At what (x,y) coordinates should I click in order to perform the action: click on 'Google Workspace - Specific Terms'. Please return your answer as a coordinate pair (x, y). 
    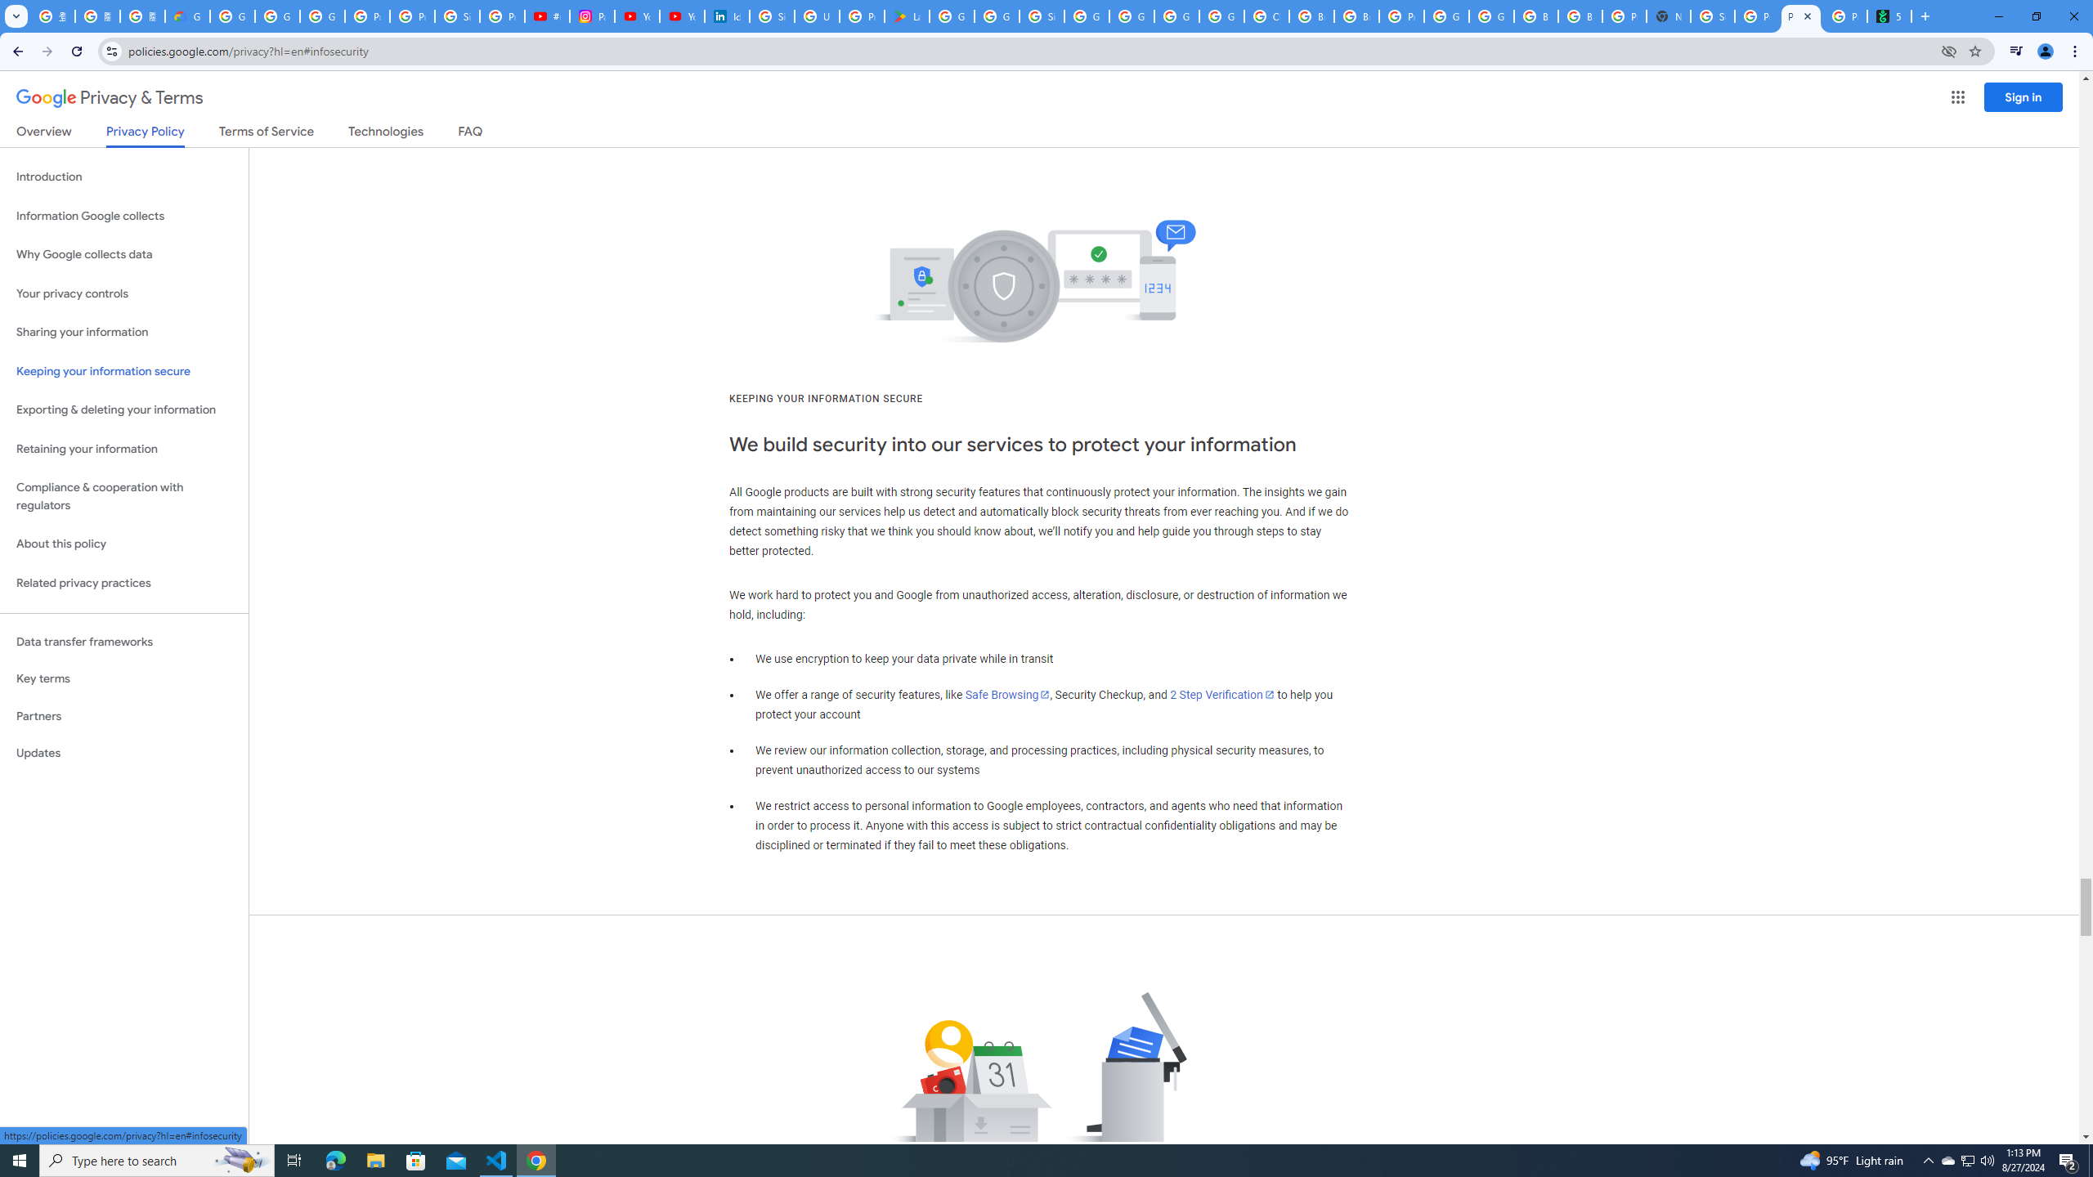
    Looking at the image, I should click on (996, 16).